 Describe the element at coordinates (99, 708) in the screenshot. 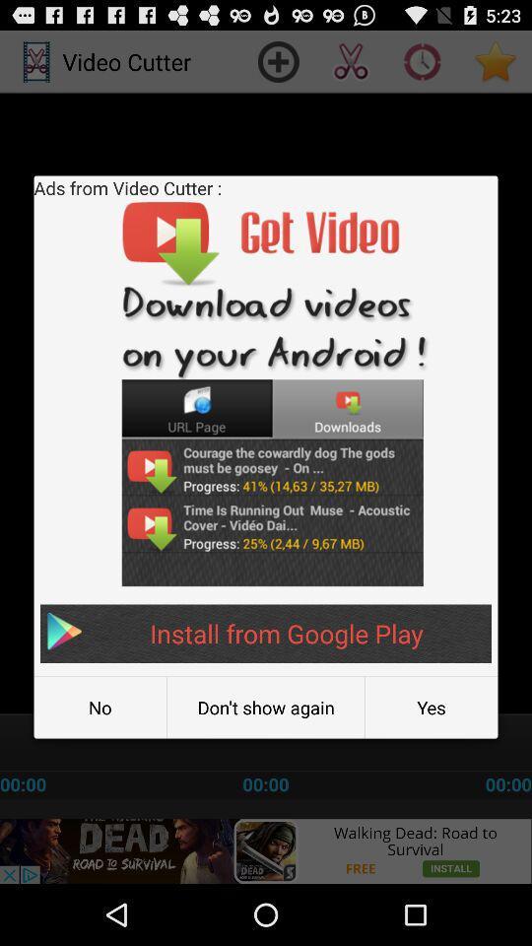

I see `no` at that location.